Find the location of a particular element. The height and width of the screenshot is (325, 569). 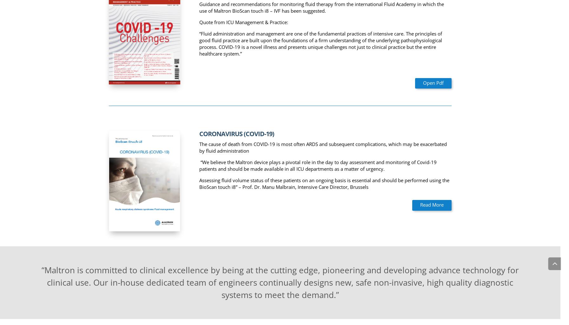

'CORONAVIRUS (COVID-19)' is located at coordinates (236, 133).